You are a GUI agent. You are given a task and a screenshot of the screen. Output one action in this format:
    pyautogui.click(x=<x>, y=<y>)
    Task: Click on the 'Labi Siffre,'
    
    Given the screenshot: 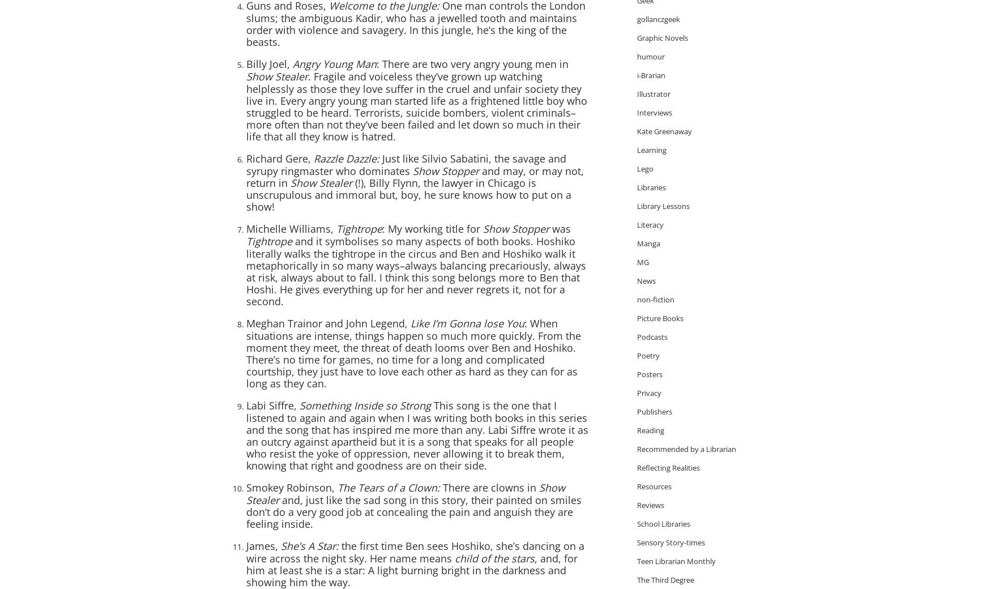 What is the action you would take?
    pyautogui.click(x=272, y=406)
    